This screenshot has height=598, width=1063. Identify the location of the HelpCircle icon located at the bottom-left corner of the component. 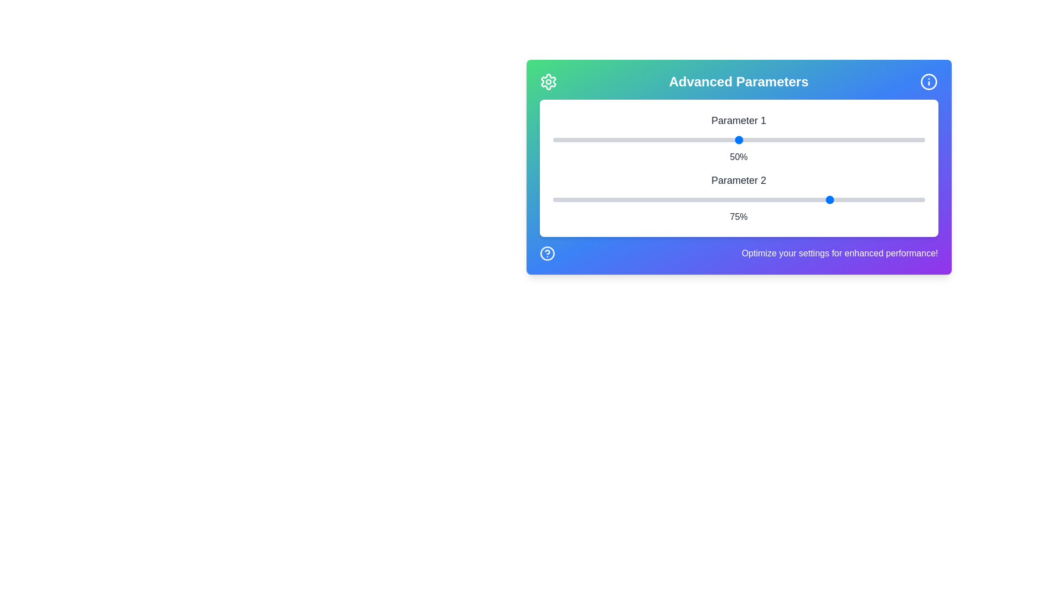
(547, 254).